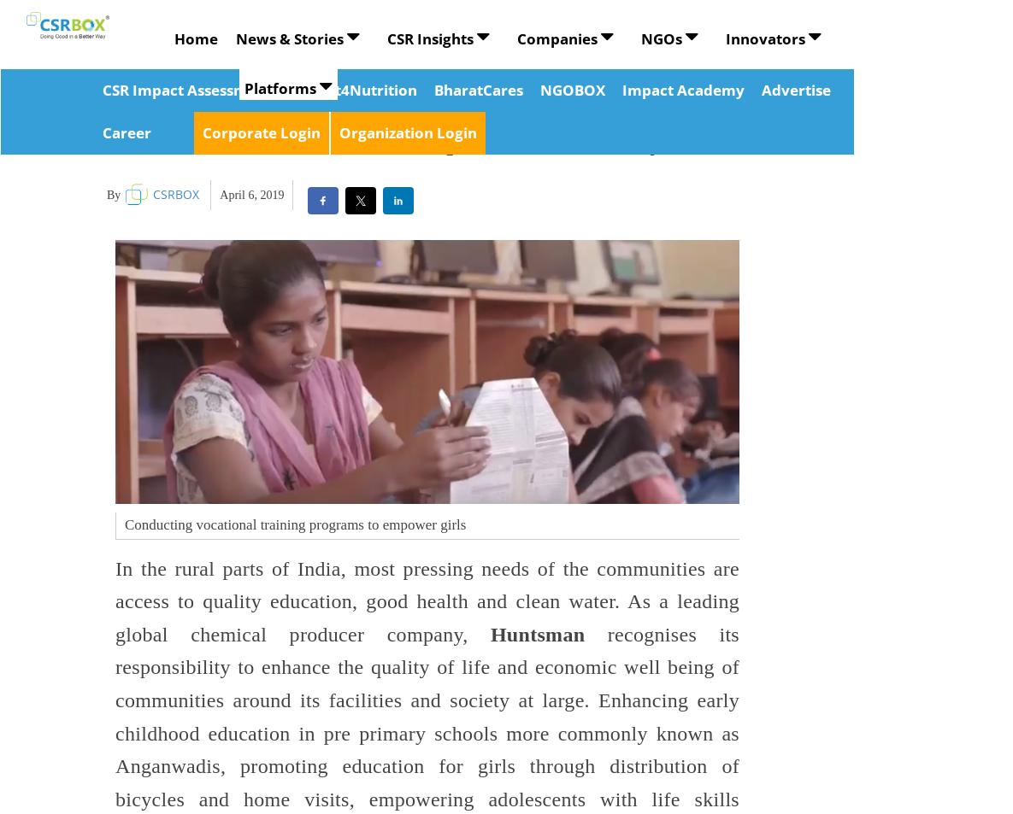 The width and height of the screenshot is (1013, 814). What do you see at coordinates (681, 89) in the screenshot?
I see `'Impact Academy'` at bounding box center [681, 89].